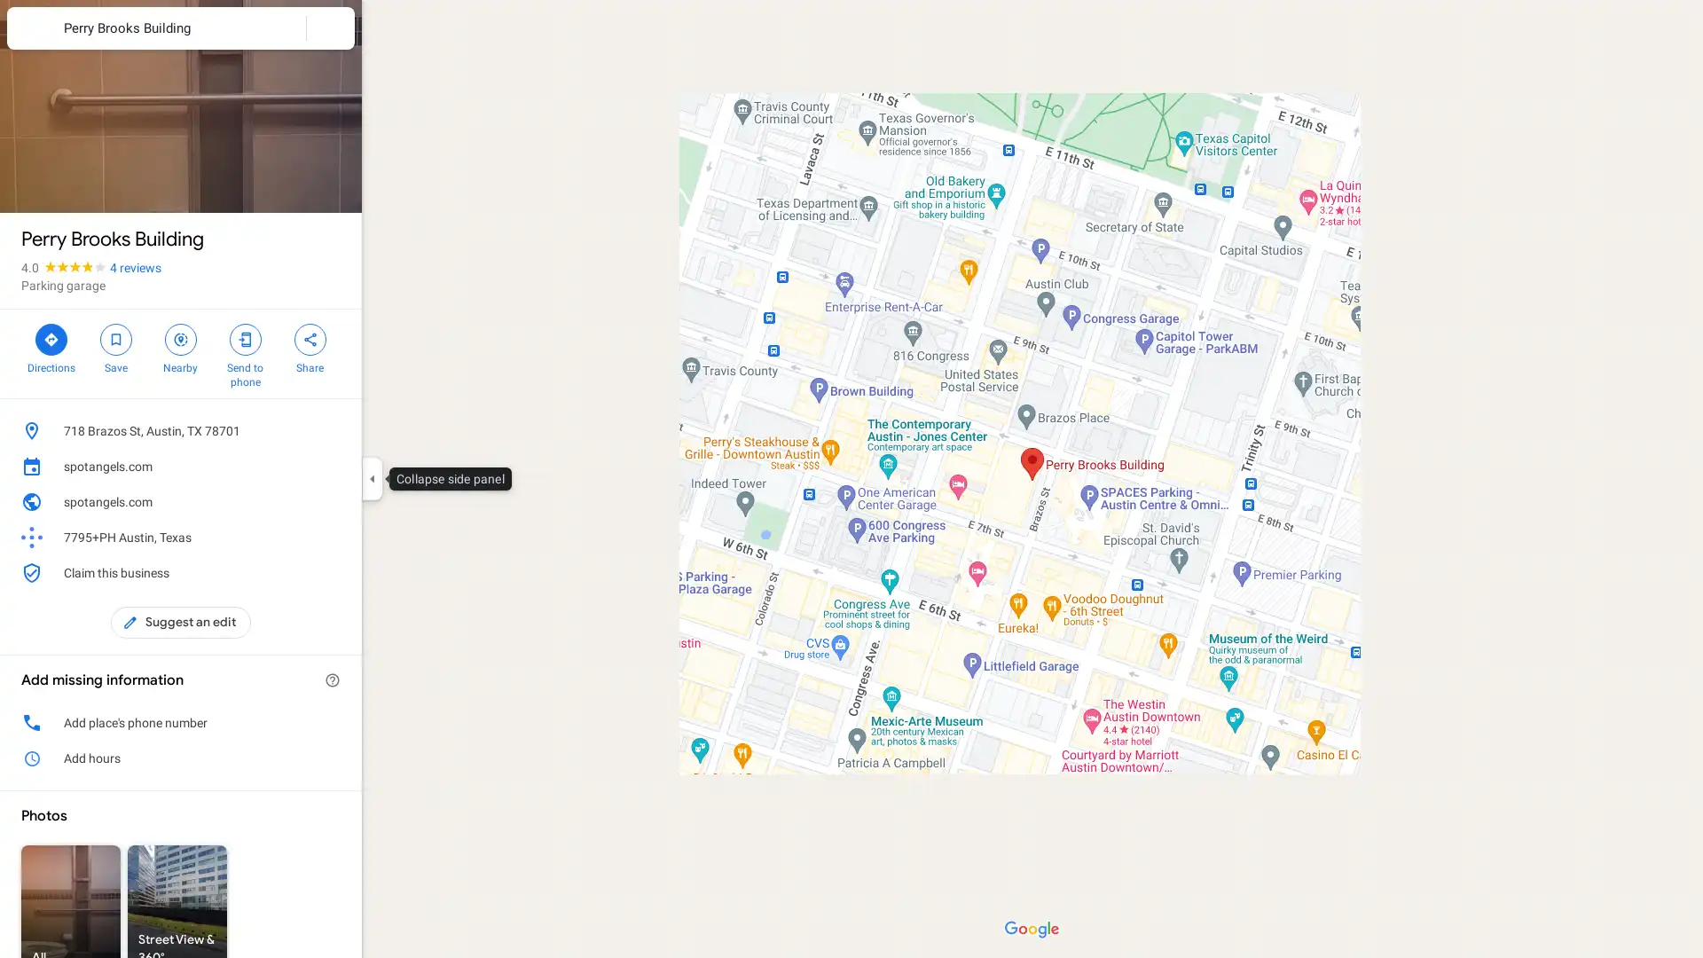 This screenshot has height=958, width=1703. Describe the element at coordinates (332, 431) in the screenshot. I see `Copy address` at that location.